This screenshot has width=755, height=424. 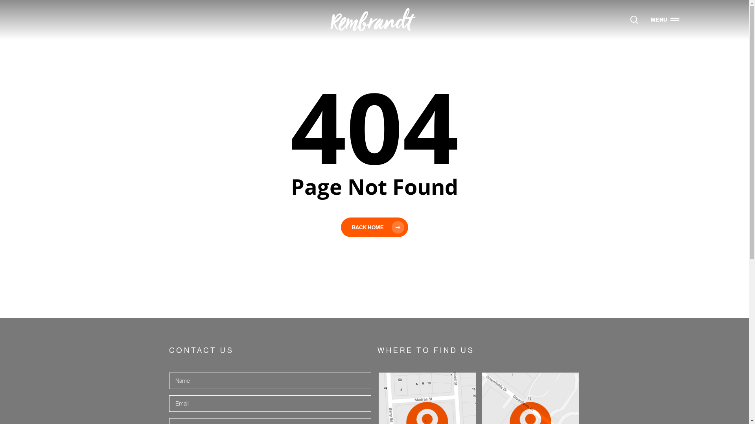 What do you see at coordinates (630, 19) in the screenshot?
I see `'search'` at bounding box center [630, 19].